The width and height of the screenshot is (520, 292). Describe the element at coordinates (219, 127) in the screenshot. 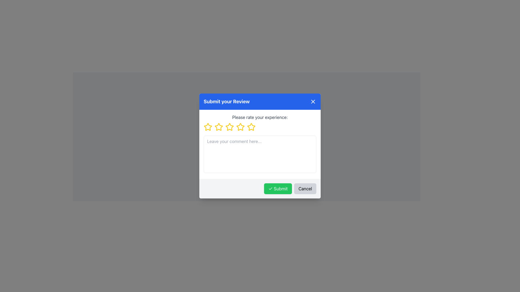

I see `the third star icon in the rating row` at that location.